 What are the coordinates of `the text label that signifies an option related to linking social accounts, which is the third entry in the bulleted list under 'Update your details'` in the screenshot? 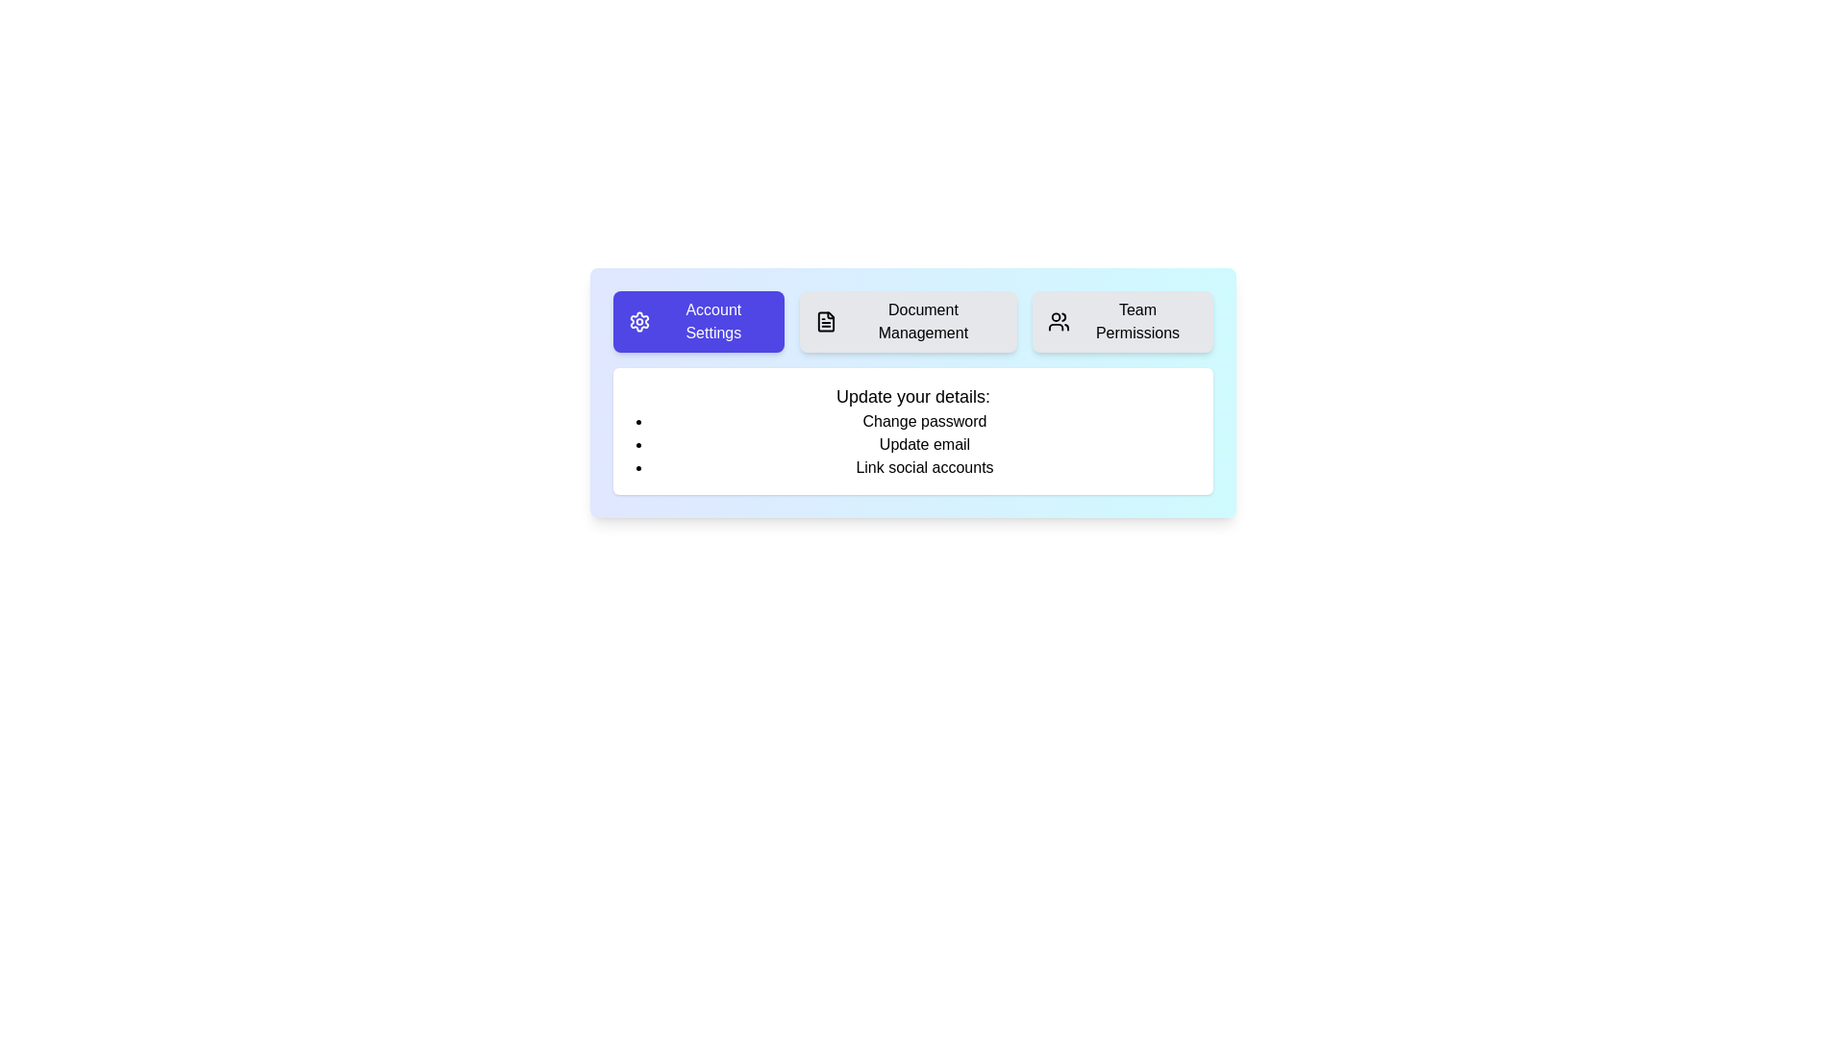 It's located at (924, 467).